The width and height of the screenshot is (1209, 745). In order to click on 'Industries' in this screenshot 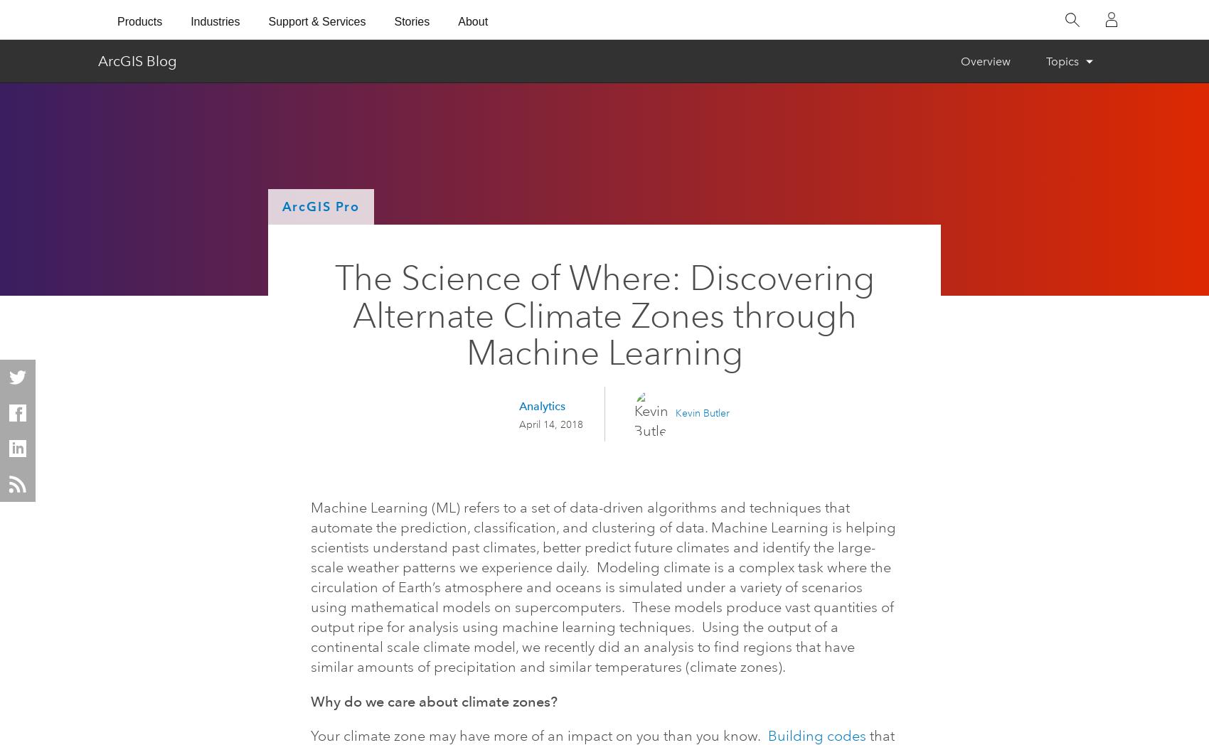, I will do `click(215, 20)`.